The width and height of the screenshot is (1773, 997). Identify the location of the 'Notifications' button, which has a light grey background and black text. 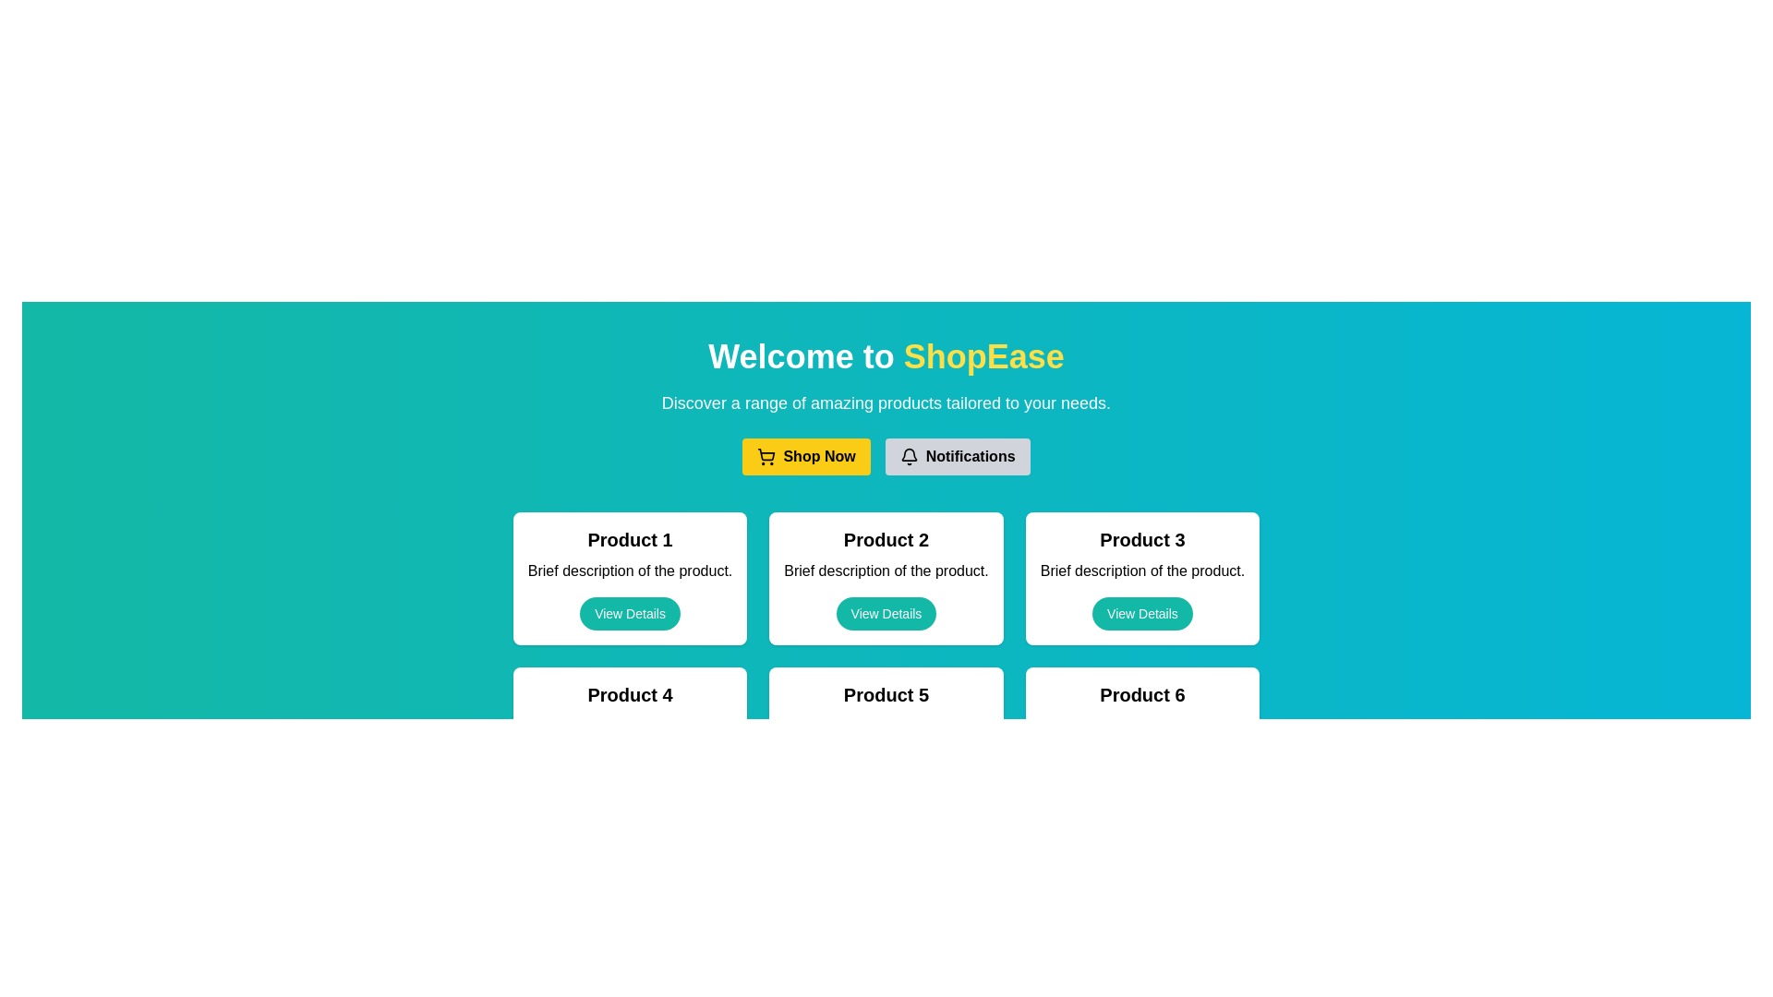
(958, 456).